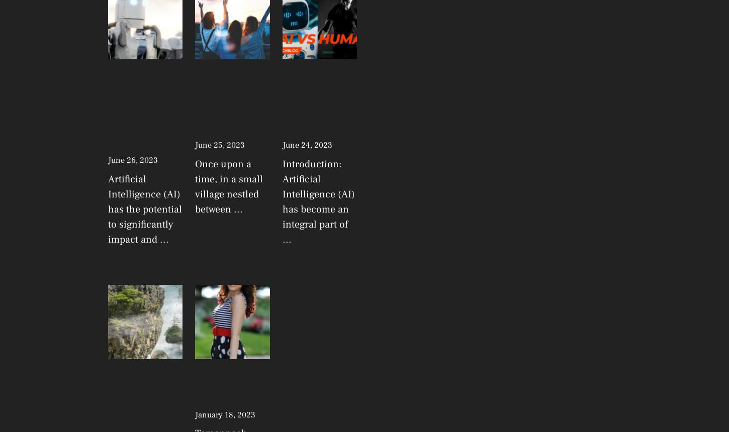 The width and height of the screenshot is (729, 432). Describe the element at coordinates (145, 208) in the screenshot. I see `'Artificial Intelligence (AI) has the potential to significantly impact and ...'` at that location.